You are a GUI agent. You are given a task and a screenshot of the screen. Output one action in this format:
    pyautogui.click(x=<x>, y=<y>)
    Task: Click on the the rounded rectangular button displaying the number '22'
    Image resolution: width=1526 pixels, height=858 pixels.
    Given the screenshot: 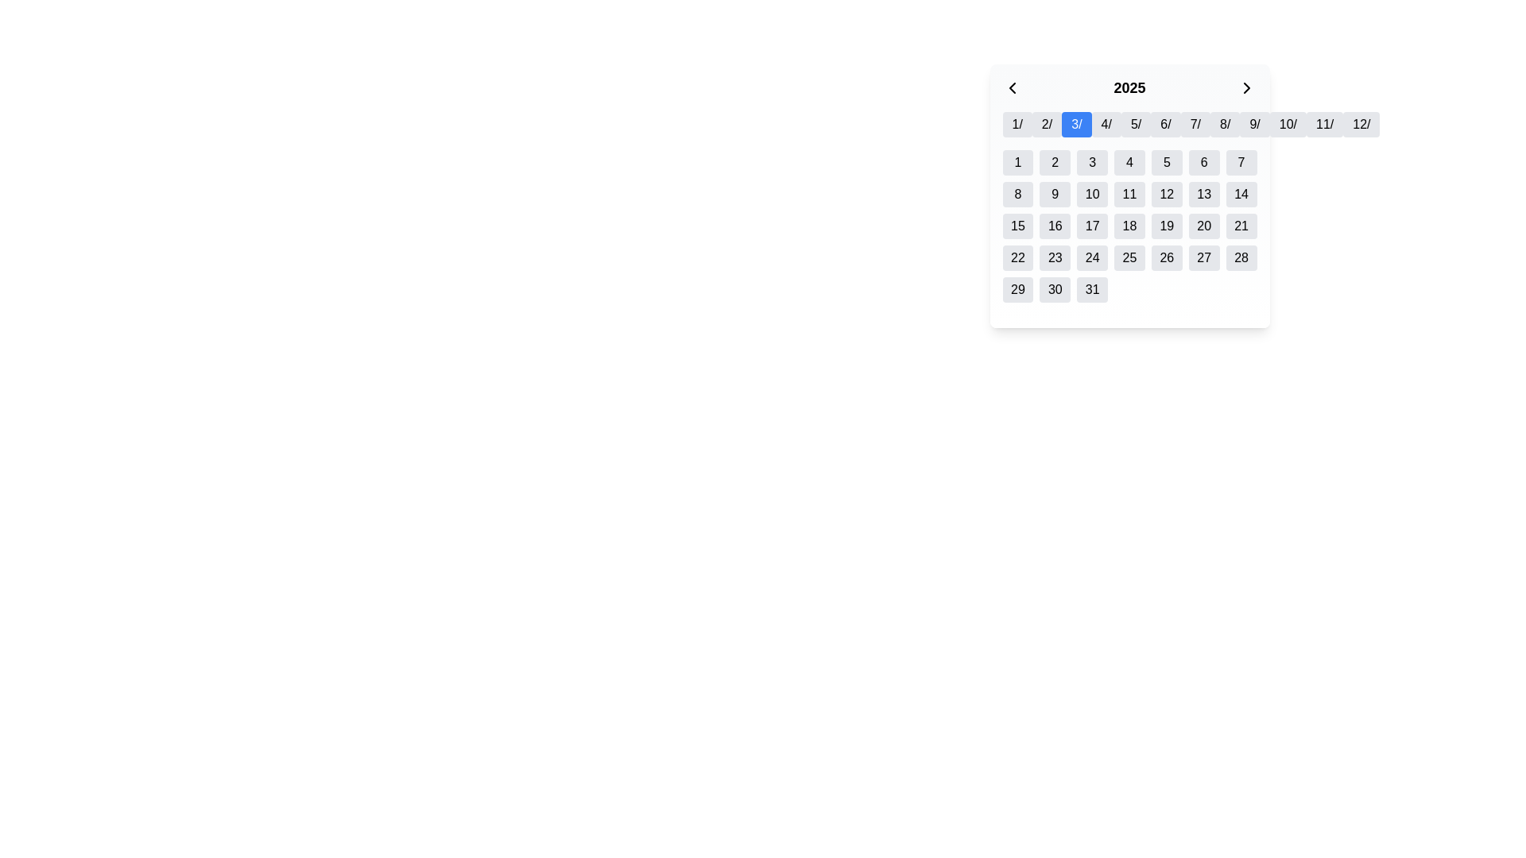 What is the action you would take?
    pyautogui.click(x=1017, y=257)
    